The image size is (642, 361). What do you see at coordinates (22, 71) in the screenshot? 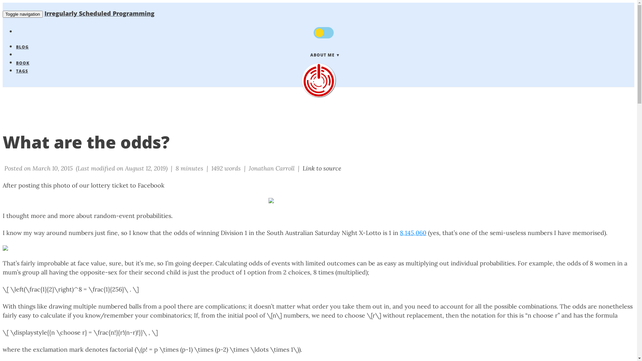
I see `'TAGS'` at bounding box center [22, 71].